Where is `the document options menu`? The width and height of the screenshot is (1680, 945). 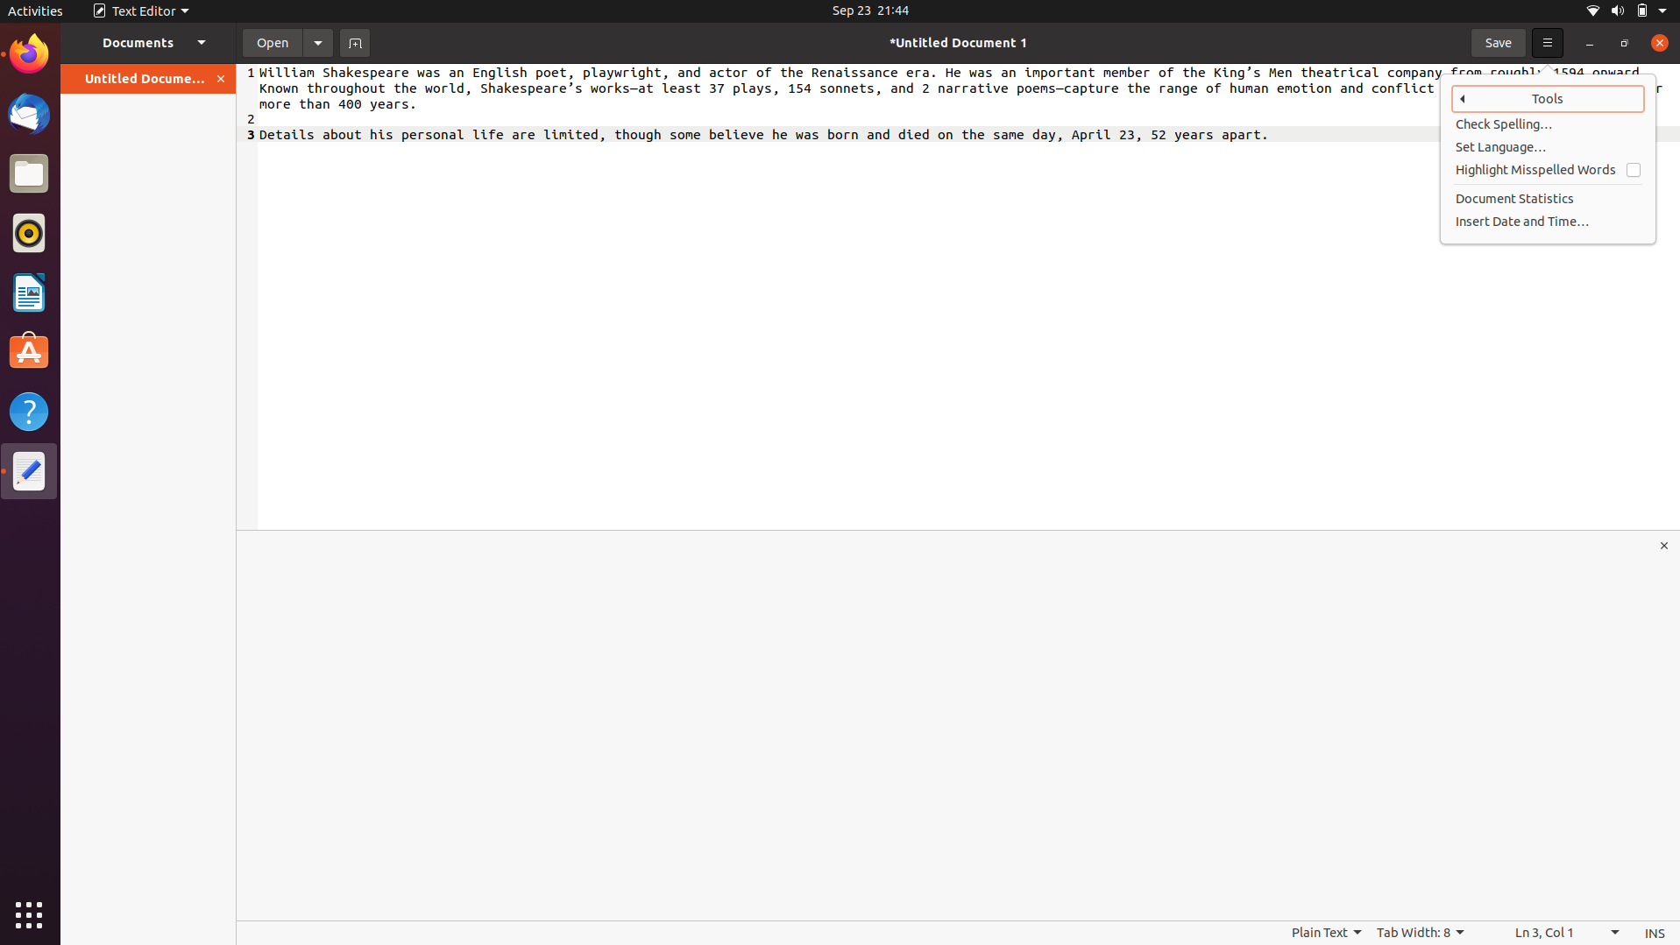
the document options menu is located at coordinates (317, 41).